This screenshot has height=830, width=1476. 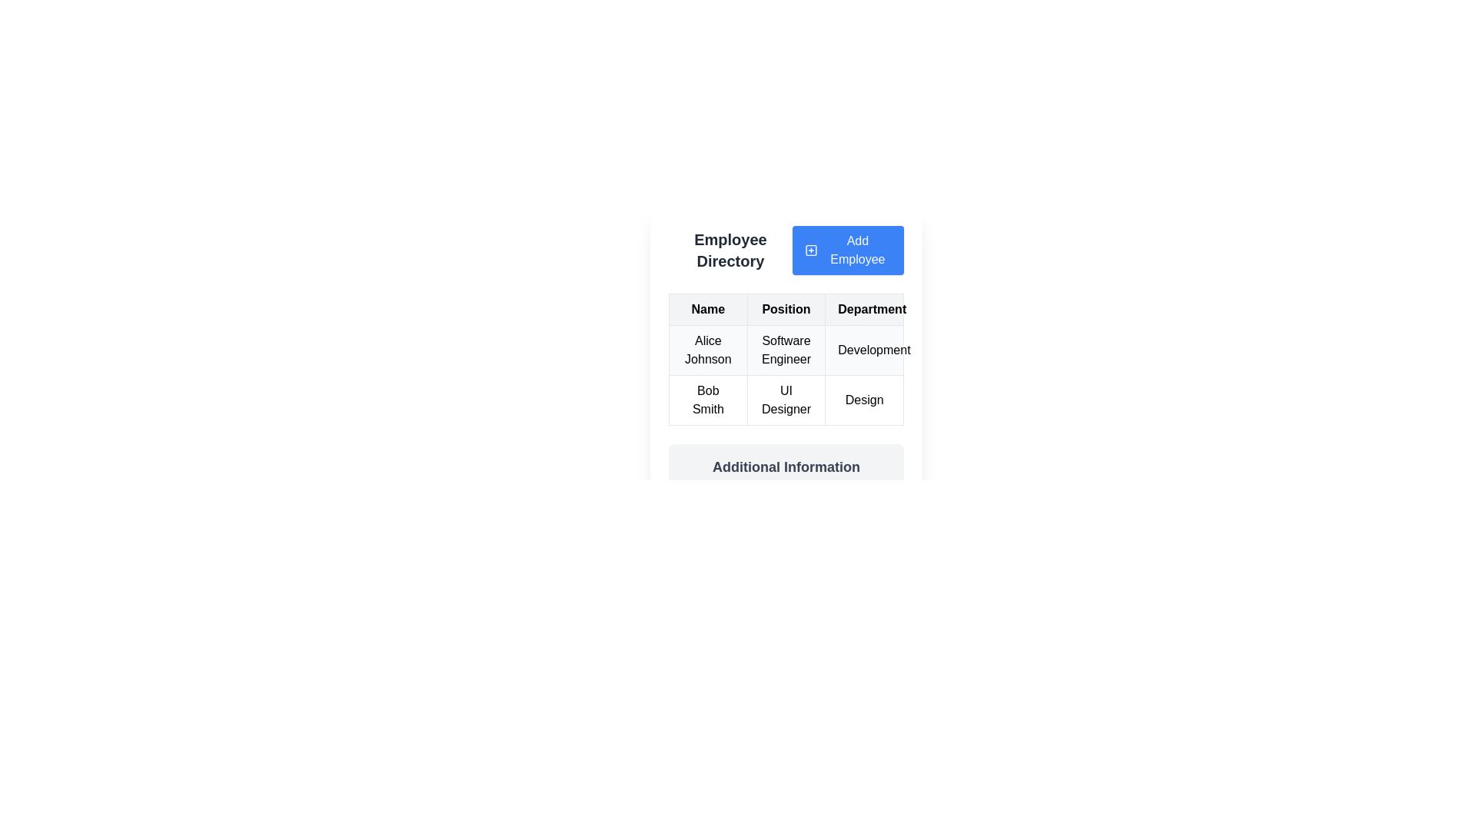 What do you see at coordinates (786, 250) in the screenshot?
I see `the 'Add Employee' button in the Employee Directory section to change its color` at bounding box center [786, 250].